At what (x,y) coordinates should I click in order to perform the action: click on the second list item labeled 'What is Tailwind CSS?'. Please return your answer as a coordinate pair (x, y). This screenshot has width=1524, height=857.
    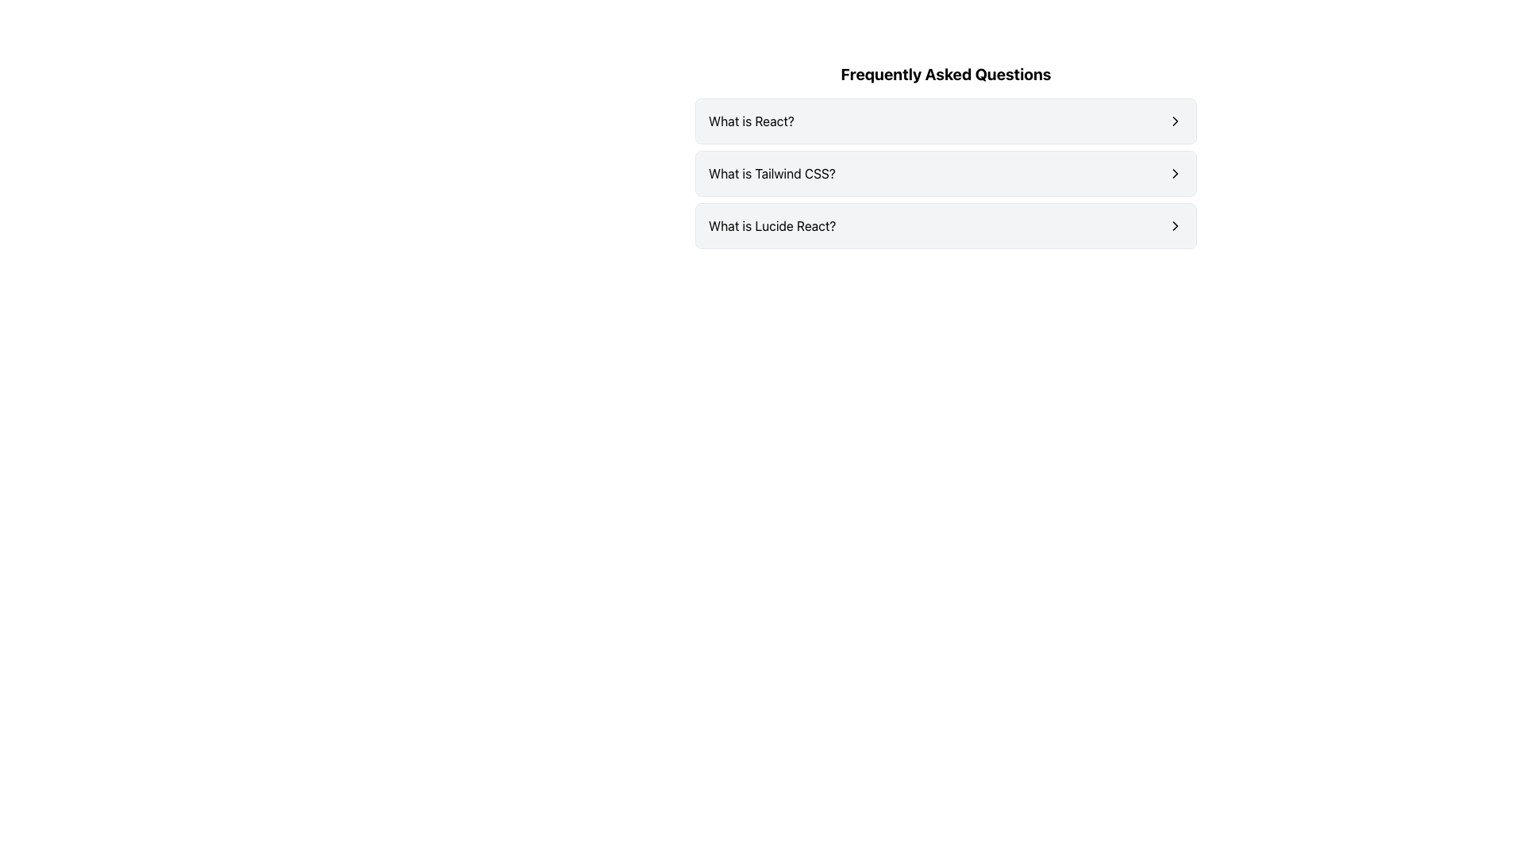
    Looking at the image, I should click on (945, 174).